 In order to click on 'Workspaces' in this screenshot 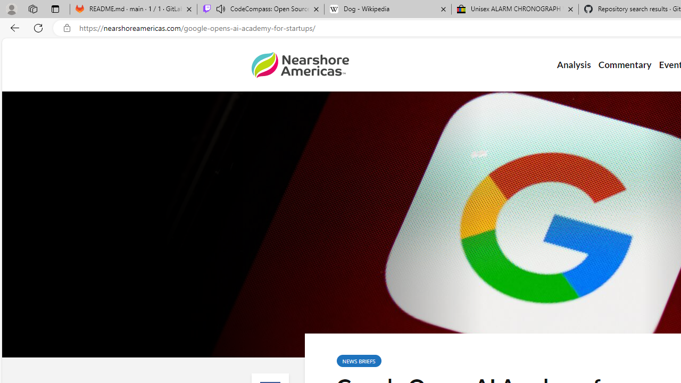, I will do `click(32, 9)`.